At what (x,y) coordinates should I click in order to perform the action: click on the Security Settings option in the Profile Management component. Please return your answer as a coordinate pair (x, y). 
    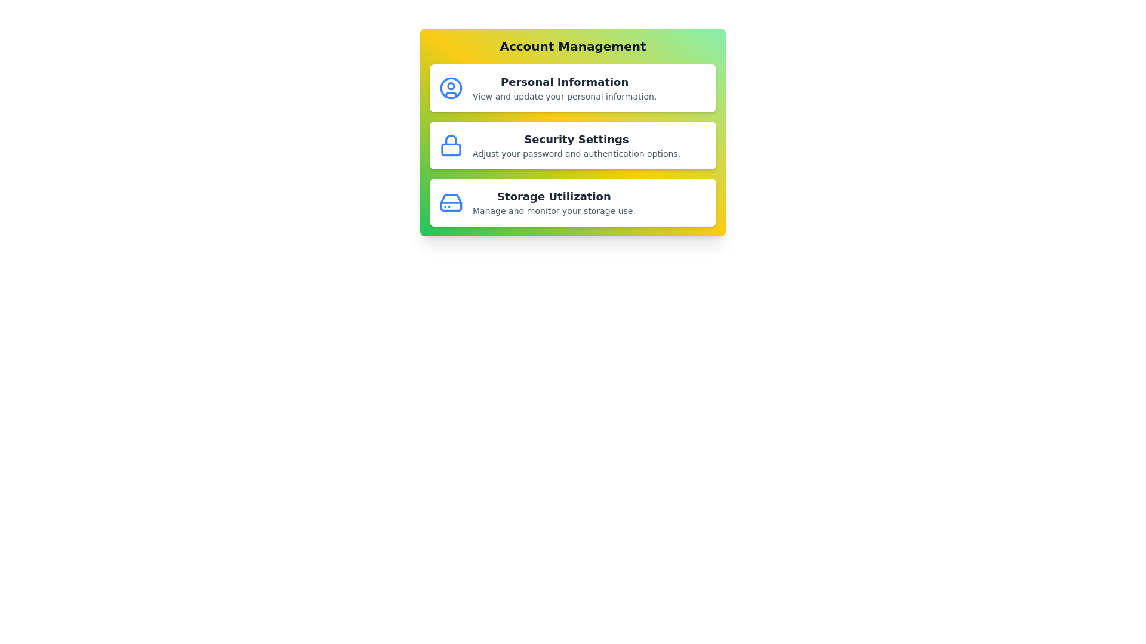
    Looking at the image, I should click on (573, 144).